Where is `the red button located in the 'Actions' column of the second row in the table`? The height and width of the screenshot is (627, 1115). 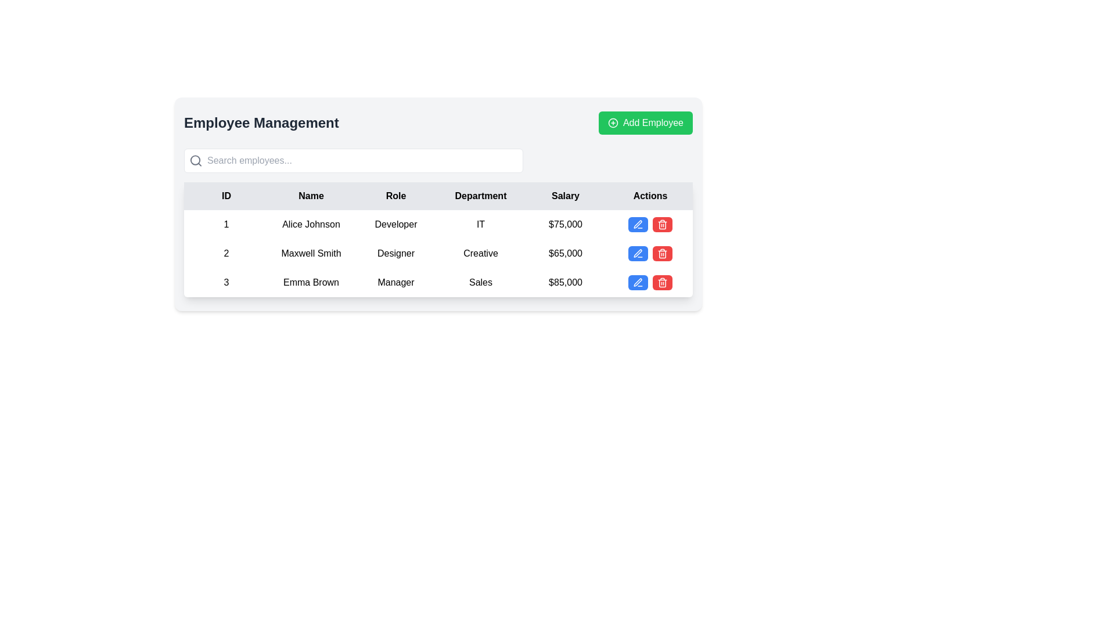
the red button located in the 'Actions' column of the second row in the table is located at coordinates (649, 253).